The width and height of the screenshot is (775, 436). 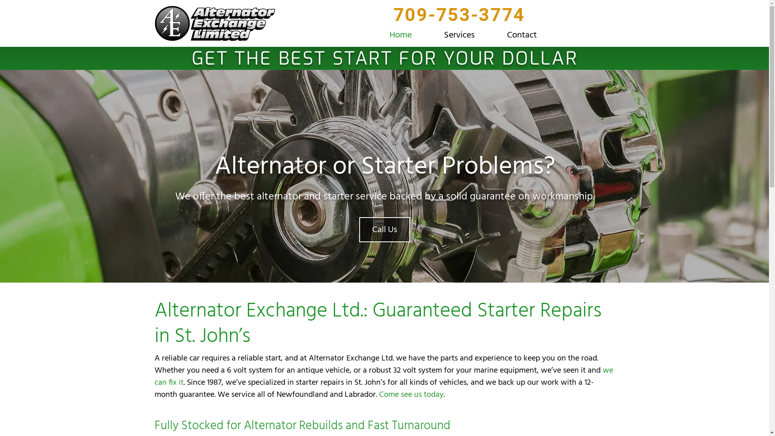 What do you see at coordinates (383, 375) in the screenshot?
I see `'we can fix it'` at bounding box center [383, 375].